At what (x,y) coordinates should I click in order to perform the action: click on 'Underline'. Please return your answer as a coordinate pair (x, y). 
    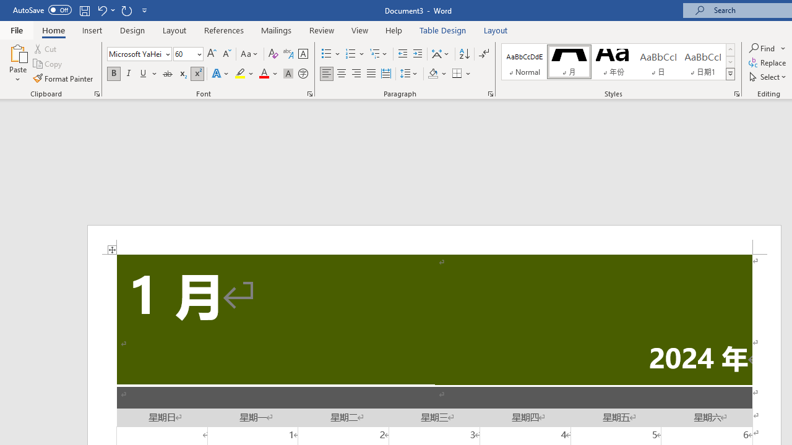
    Looking at the image, I should click on (144, 74).